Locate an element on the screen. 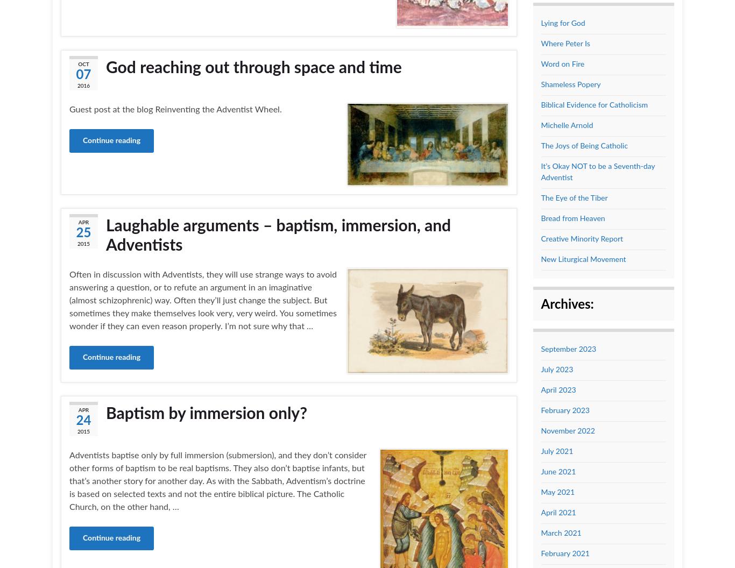  'June 2021' is located at coordinates (540, 471).